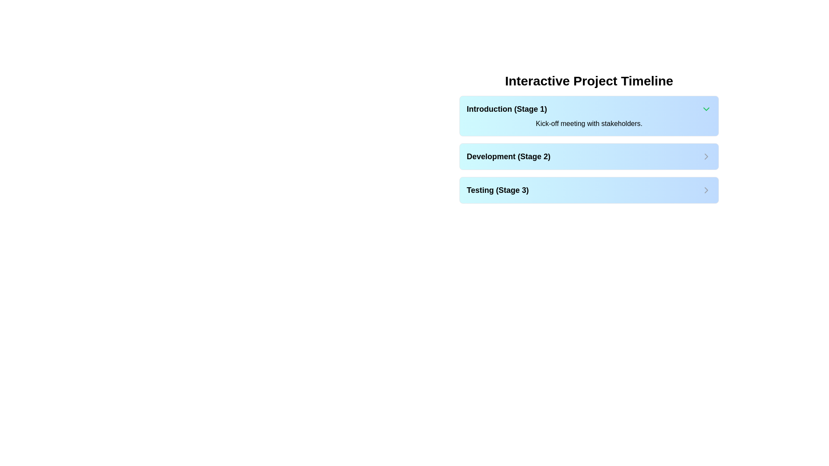 This screenshot has height=466, width=829. Describe the element at coordinates (589, 189) in the screenshot. I see `the third panel in the vertical stack indicating the 'Testing' stage` at that location.